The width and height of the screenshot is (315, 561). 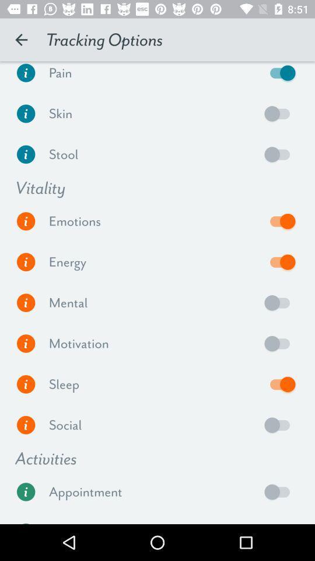 I want to click on energy vitality, so click(x=279, y=262).